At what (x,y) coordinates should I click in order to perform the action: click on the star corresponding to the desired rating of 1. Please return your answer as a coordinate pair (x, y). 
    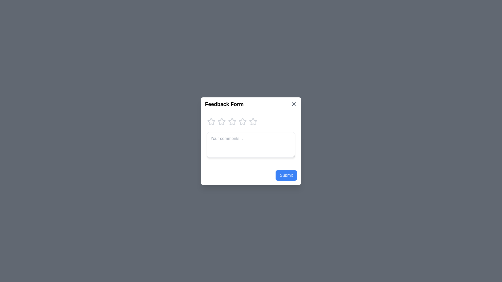
    Looking at the image, I should click on (211, 121).